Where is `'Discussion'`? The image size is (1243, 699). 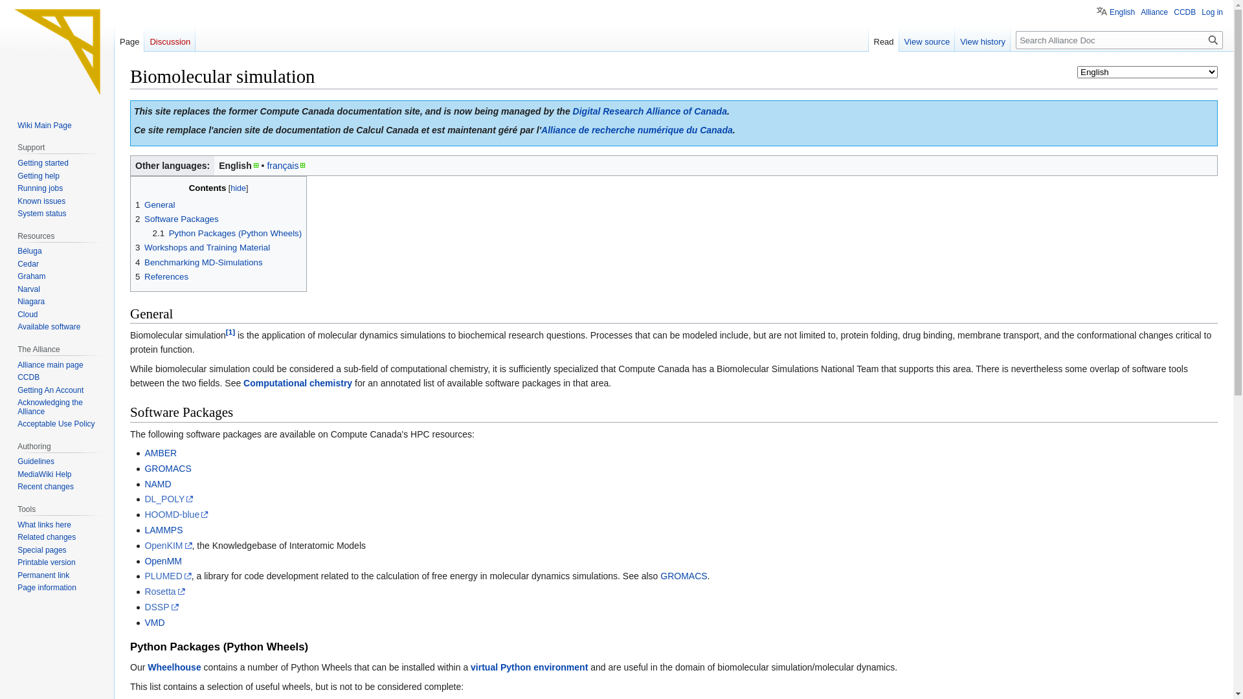 'Discussion' is located at coordinates (169, 38).